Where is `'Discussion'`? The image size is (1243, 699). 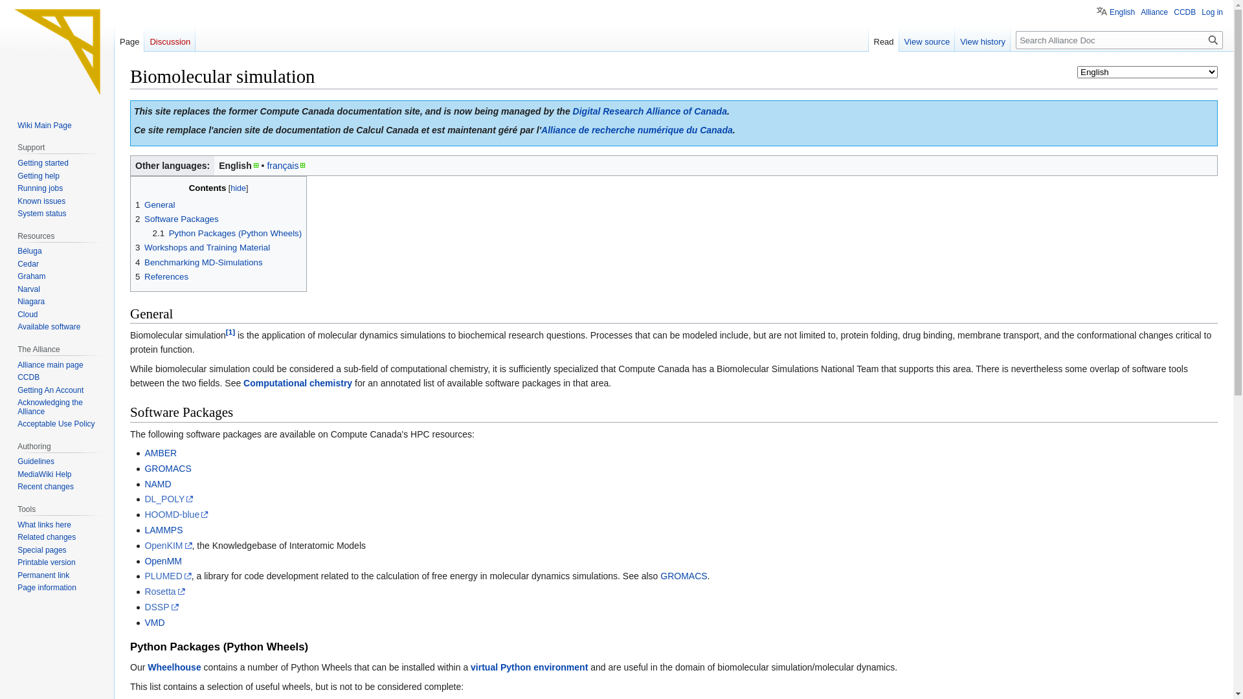 'Discussion' is located at coordinates (169, 38).